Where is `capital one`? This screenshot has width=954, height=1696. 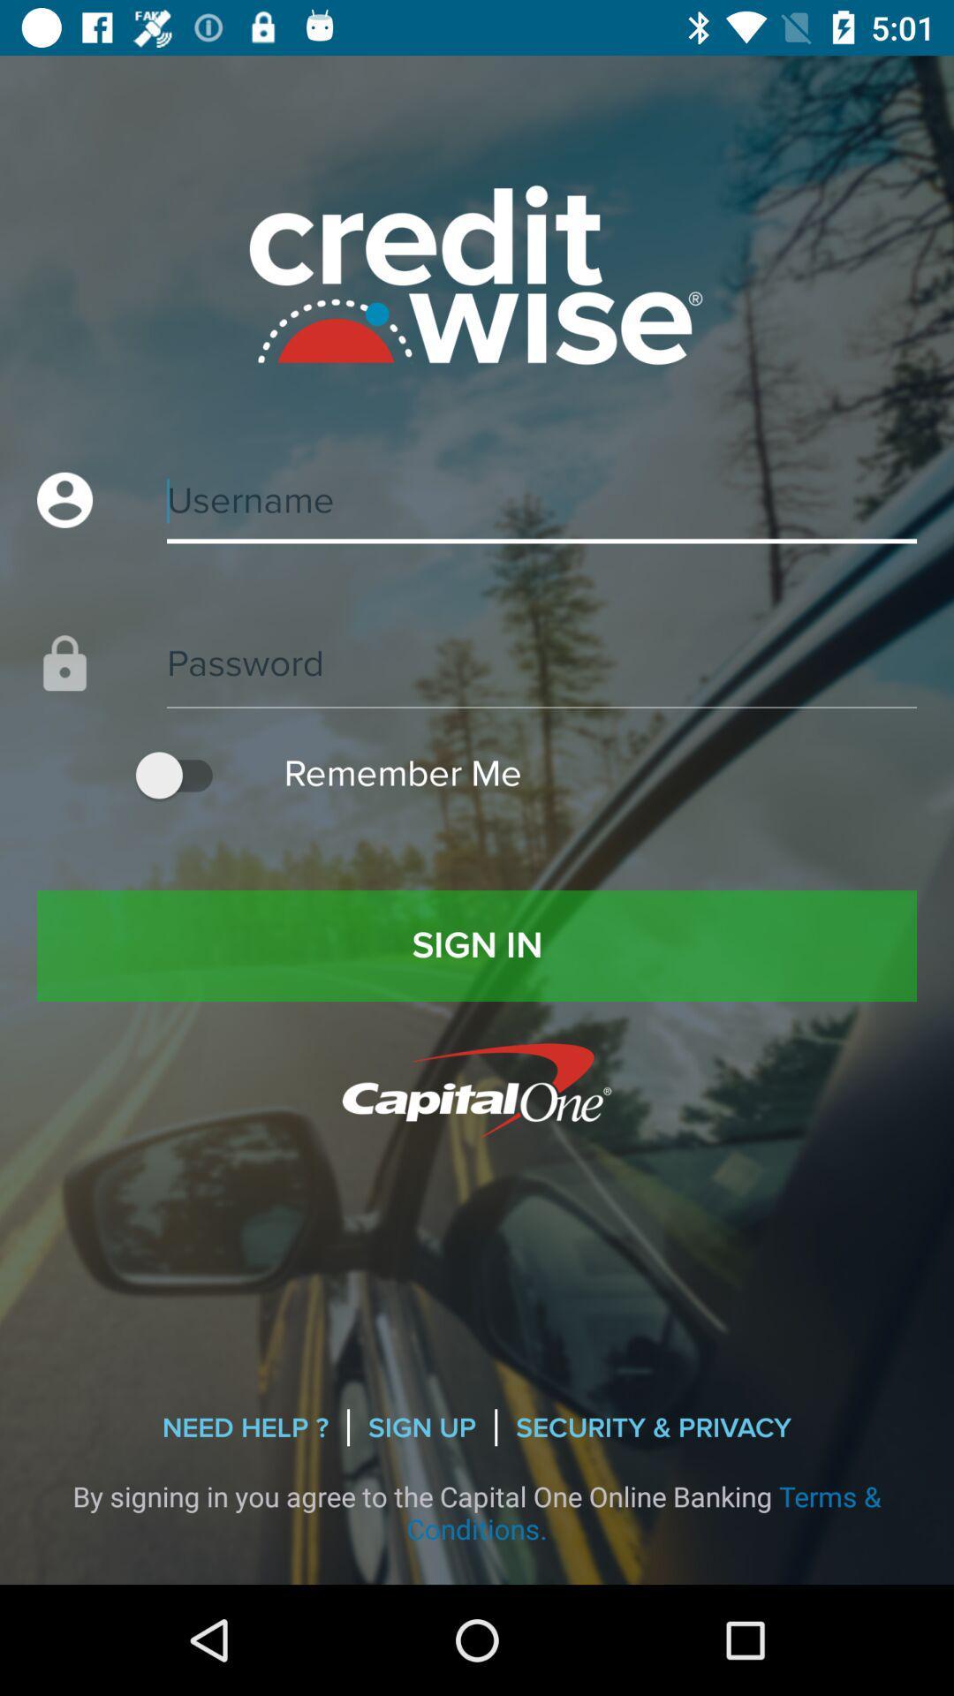
capital one is located at coordinates (477, 1089).